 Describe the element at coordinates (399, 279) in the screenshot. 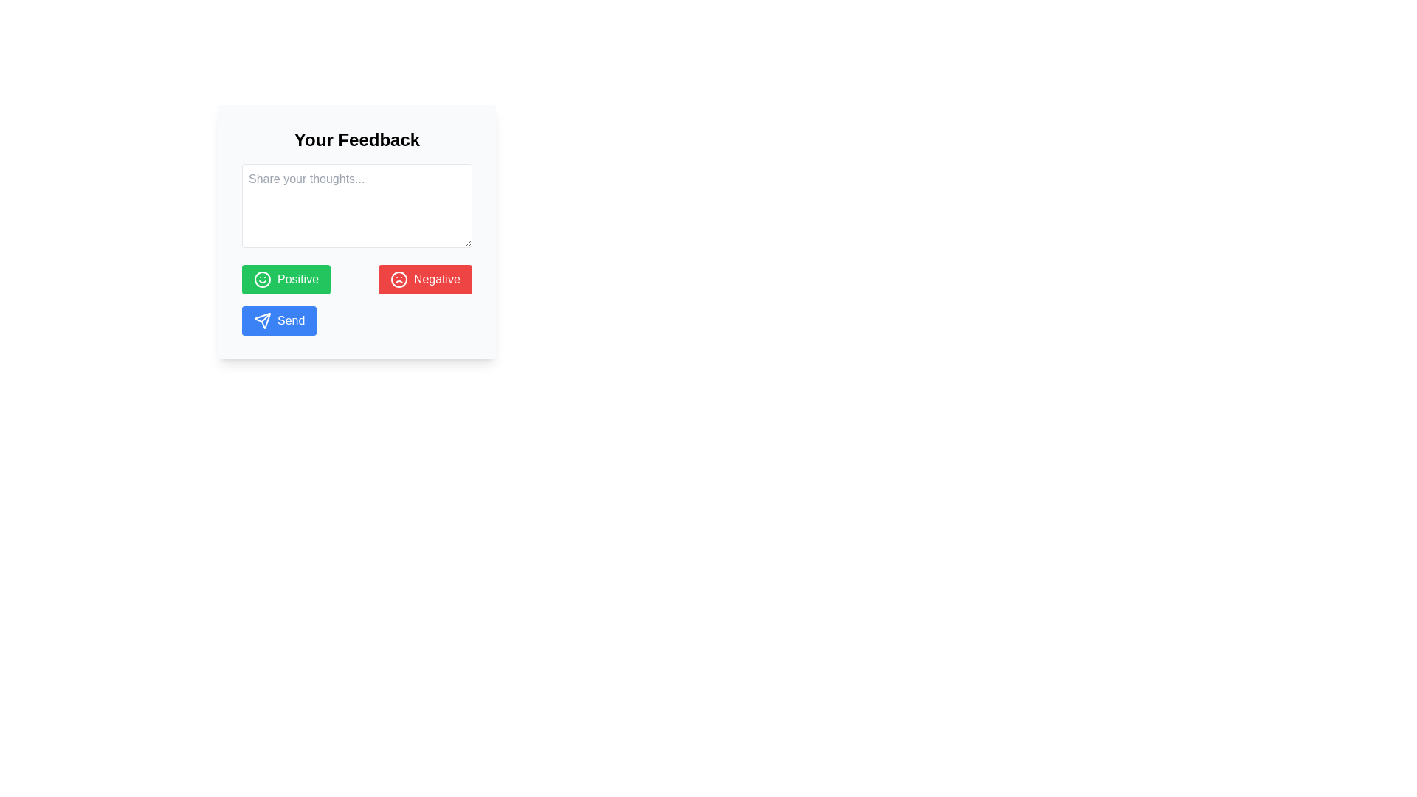

I see `the 'Negative' button` at that location.